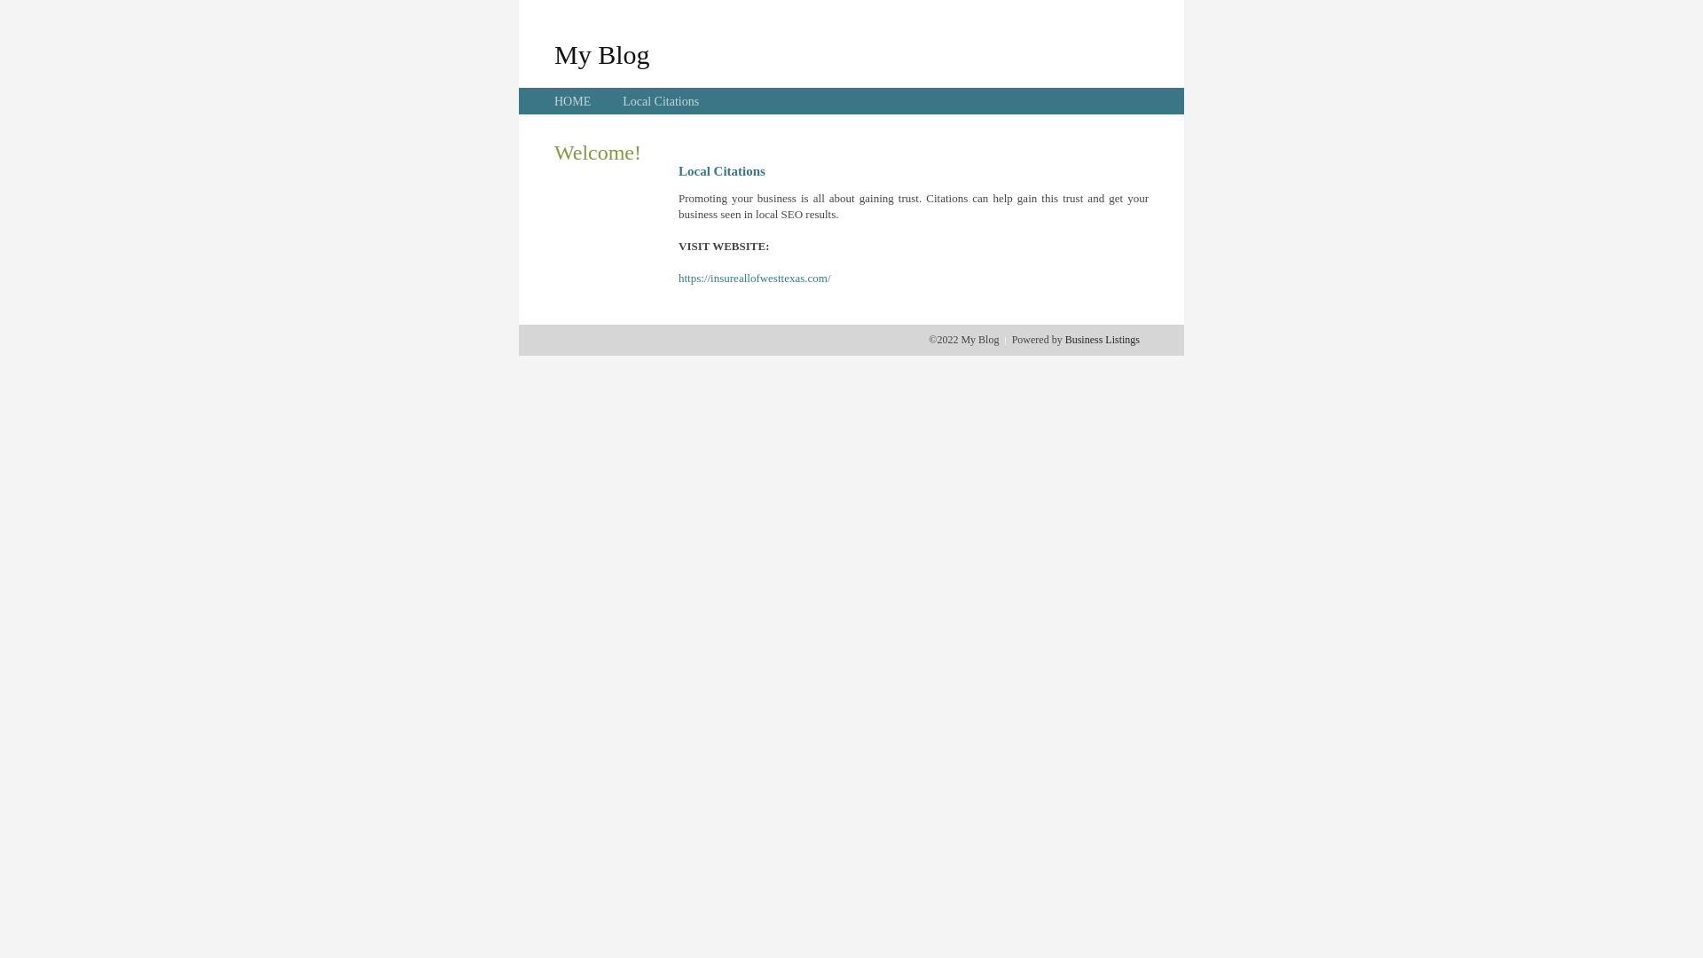  Describe the element at coordinates (754, 278) in the screenshot. I see `'https://insureallofwesttexas.com/'` at that location.